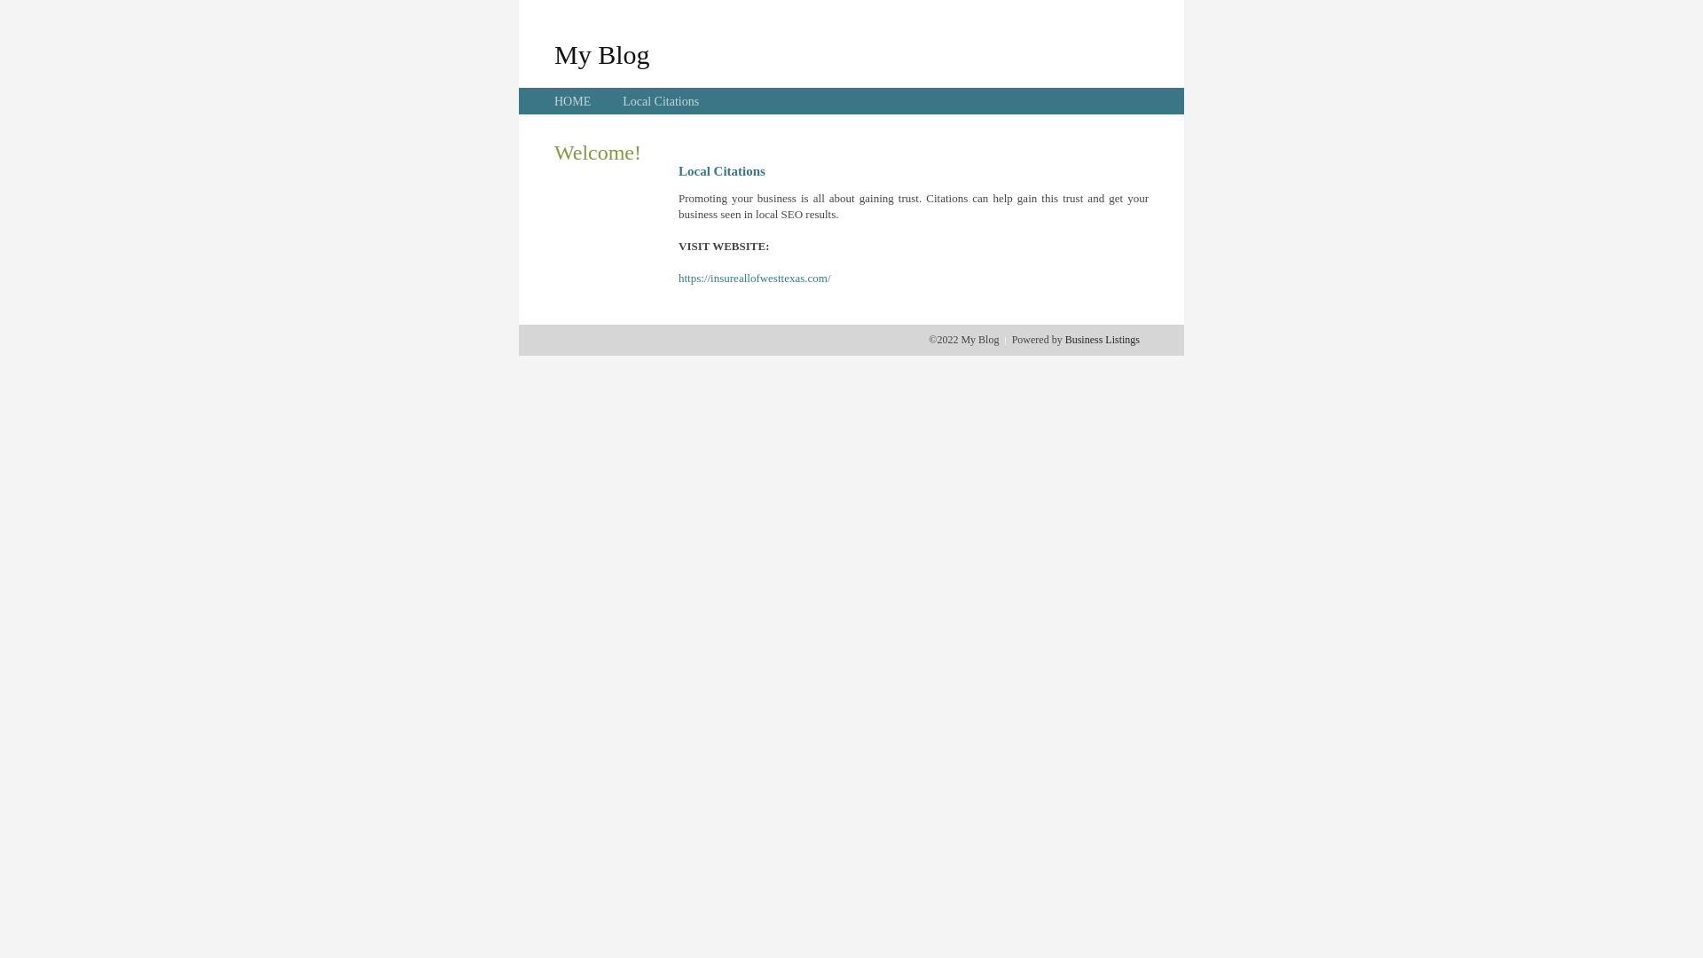  Describe the element at coordinates (754, 278) in the screenshot. I see `'https://insureallofwesttexas.com/'` at that location.